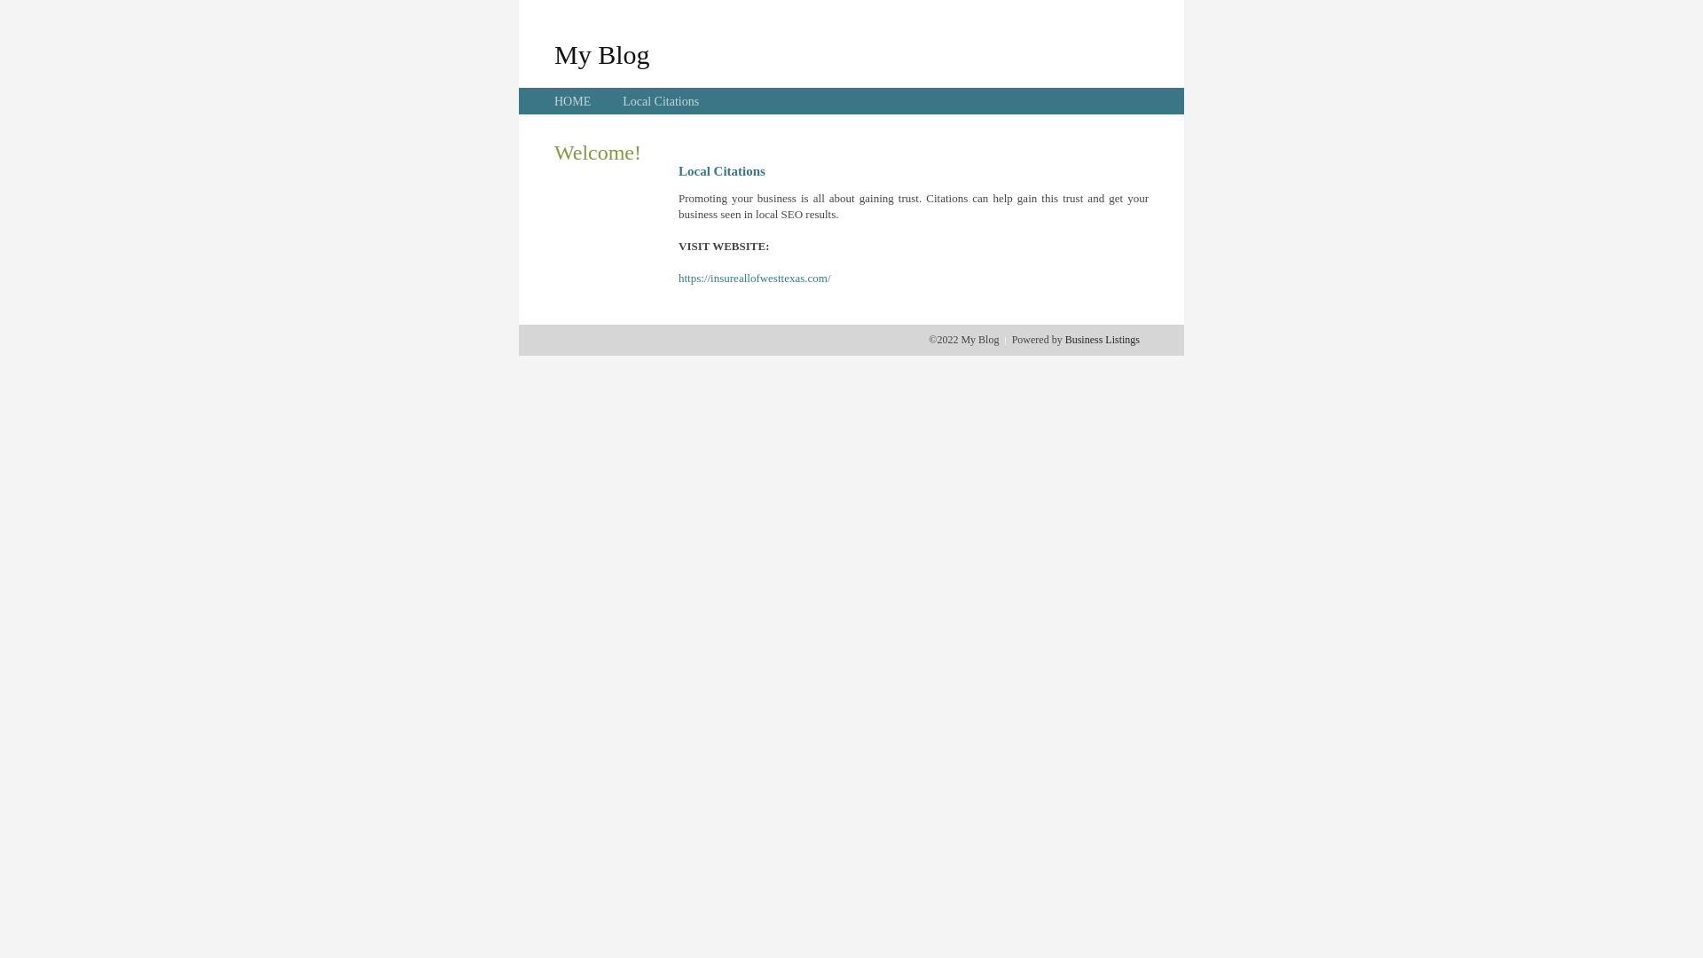  Describe the element at coordinates (754, 278) in the screenshot. I see `'https://insureallofwesttexas.com/'` at that location.